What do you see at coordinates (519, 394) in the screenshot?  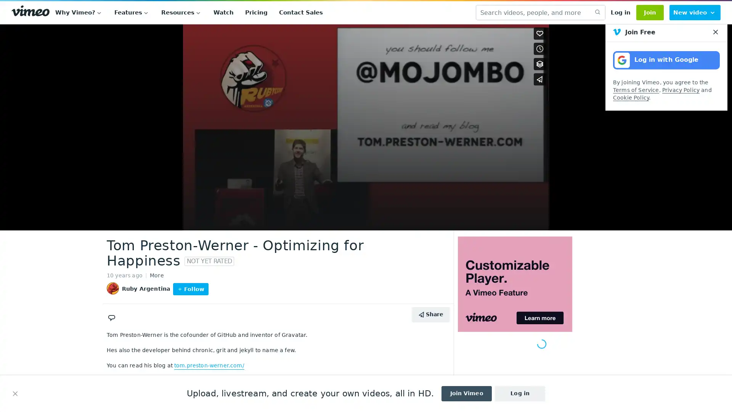 I see `Log in` at bounding box center [519, 394].